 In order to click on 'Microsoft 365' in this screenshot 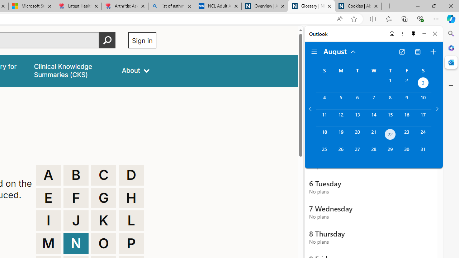, I will do `click(451, 48)`.